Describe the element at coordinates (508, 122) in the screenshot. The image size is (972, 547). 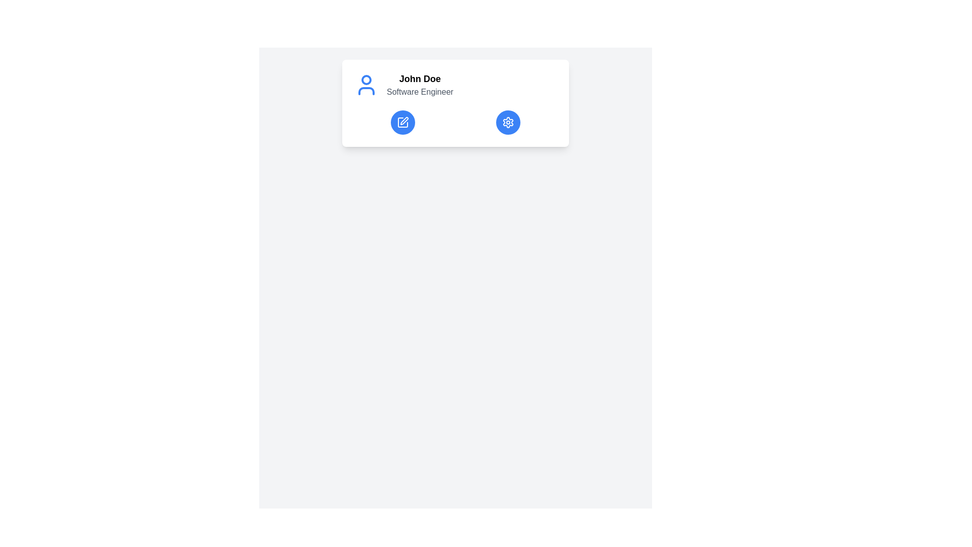
I see `the settings icon located within the button element on the right side of the rectangular card` at that location.